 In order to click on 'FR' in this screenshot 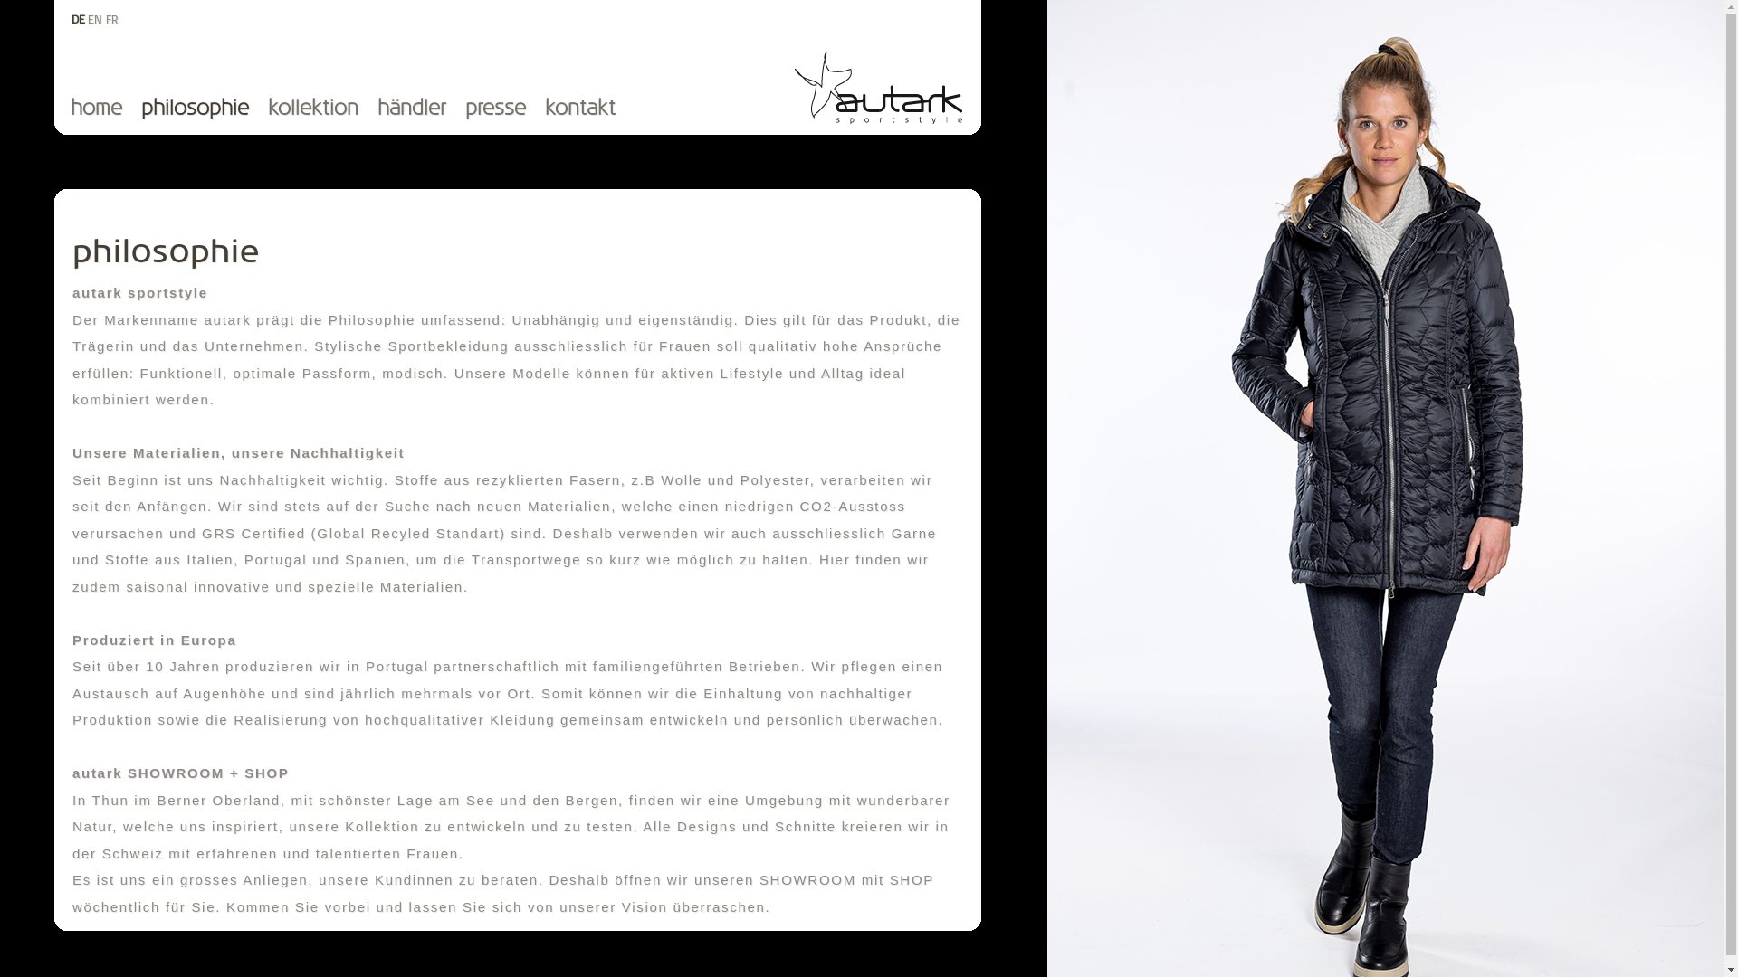, I will do `click(111, 20)`.